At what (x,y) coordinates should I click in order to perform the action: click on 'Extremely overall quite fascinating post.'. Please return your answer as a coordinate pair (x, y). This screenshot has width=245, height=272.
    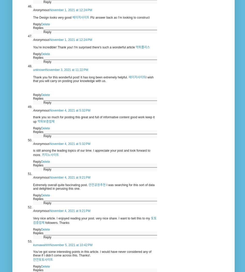
    Looking at the image, I should click on (60, 185).